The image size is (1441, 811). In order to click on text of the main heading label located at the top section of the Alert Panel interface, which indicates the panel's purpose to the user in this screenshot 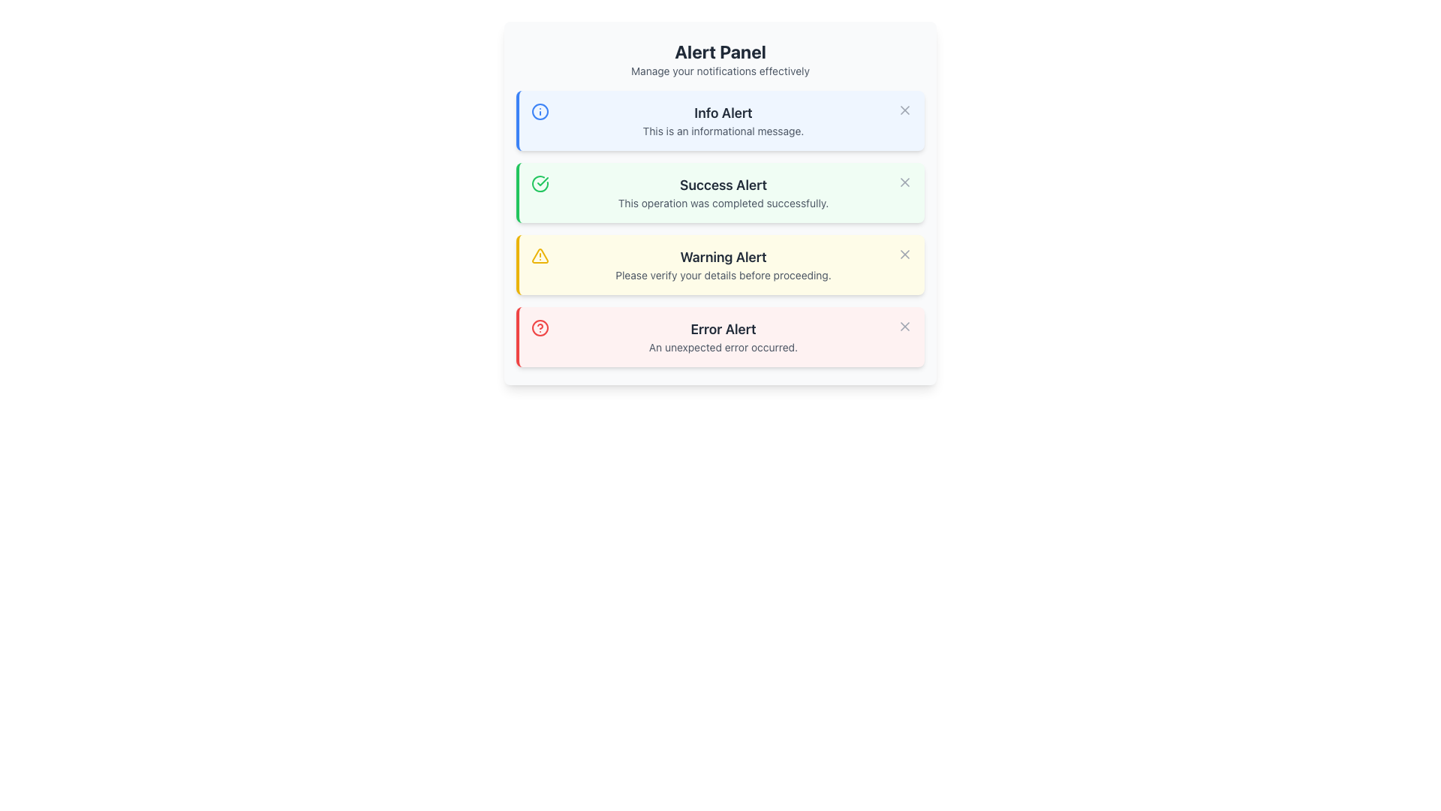, I will do `click(720, 51)`.